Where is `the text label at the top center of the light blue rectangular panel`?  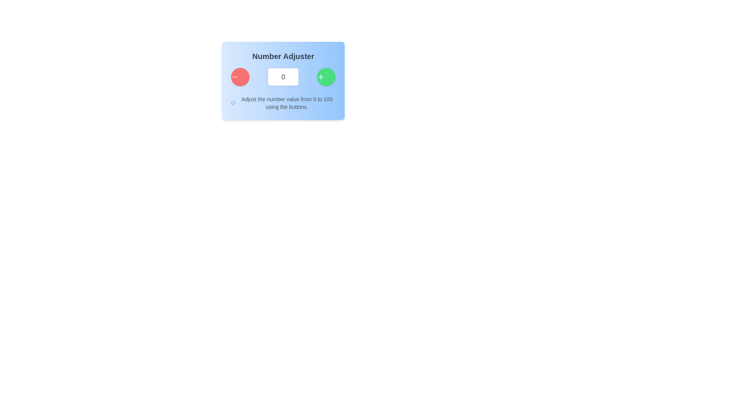 the text label at the top center of the light blue rectangular panel is located at coordinates (283, 56).